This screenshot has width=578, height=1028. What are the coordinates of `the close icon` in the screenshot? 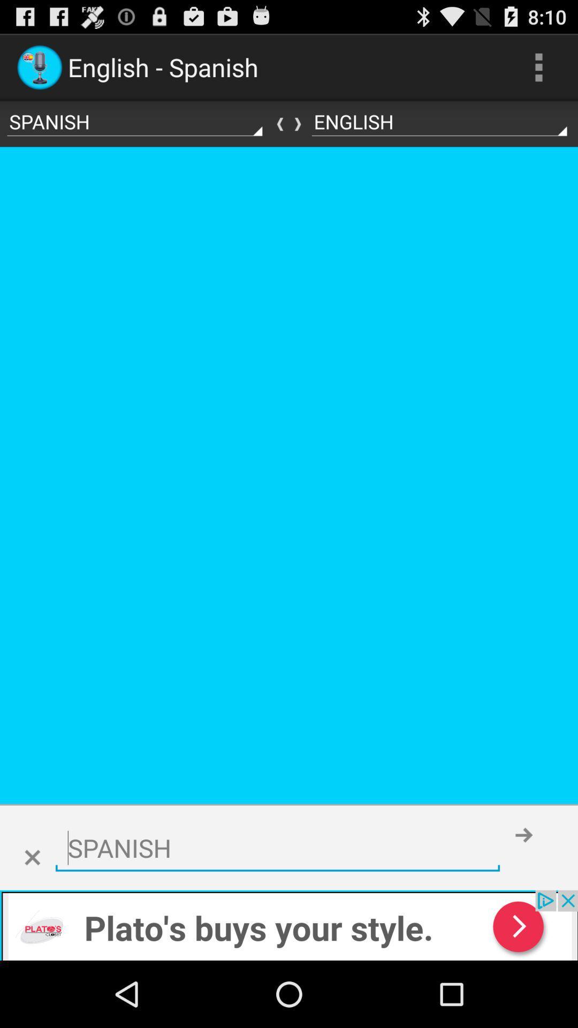 It's located at (32, 917).